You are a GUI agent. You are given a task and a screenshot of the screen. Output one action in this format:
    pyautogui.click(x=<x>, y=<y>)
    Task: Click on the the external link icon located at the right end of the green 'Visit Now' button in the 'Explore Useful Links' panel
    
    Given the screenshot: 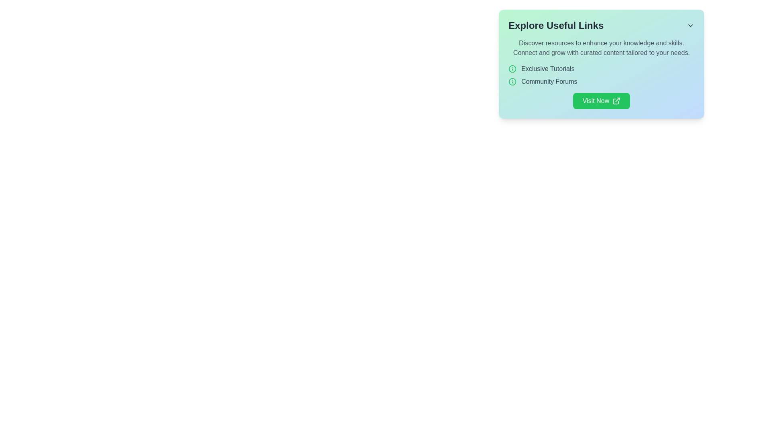 What is the action you would take?
    pyautogui.click(x=616, y=100)
    